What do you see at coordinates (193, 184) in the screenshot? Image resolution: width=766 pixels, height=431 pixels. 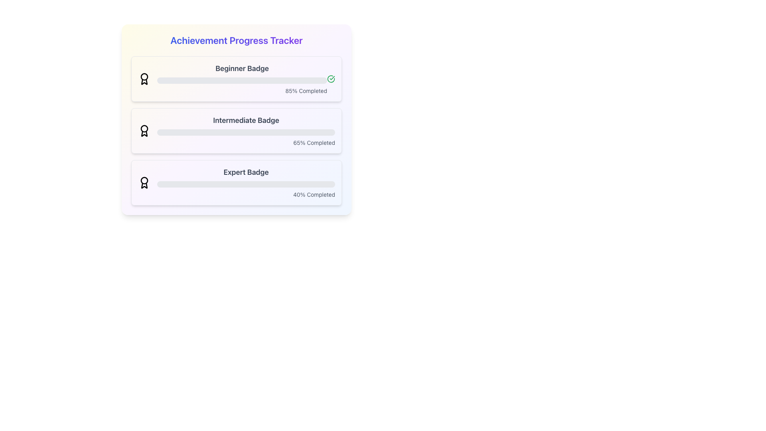 I see `the progress visually on the progress bar representing the completion towards the 'Expert Badge', which shows a 40% completion level` at bounding box center [193, 184].